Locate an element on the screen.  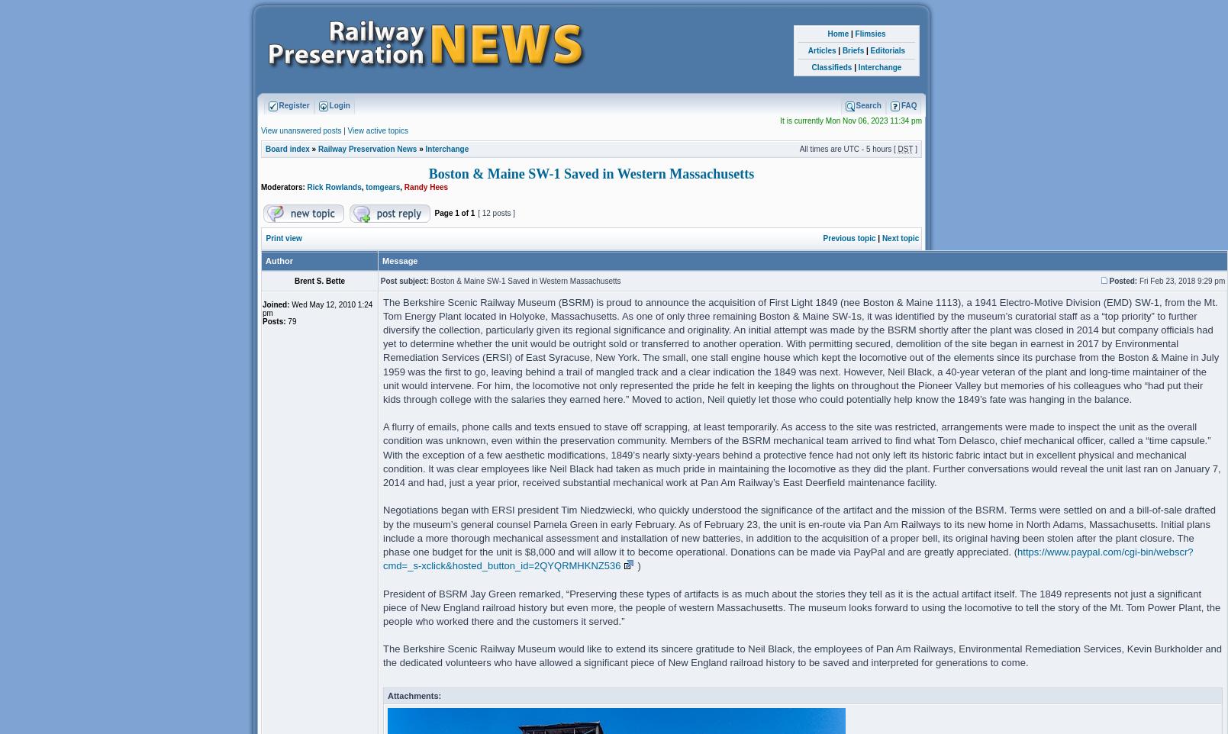
'Articles' is located at coordinates (821, 50).